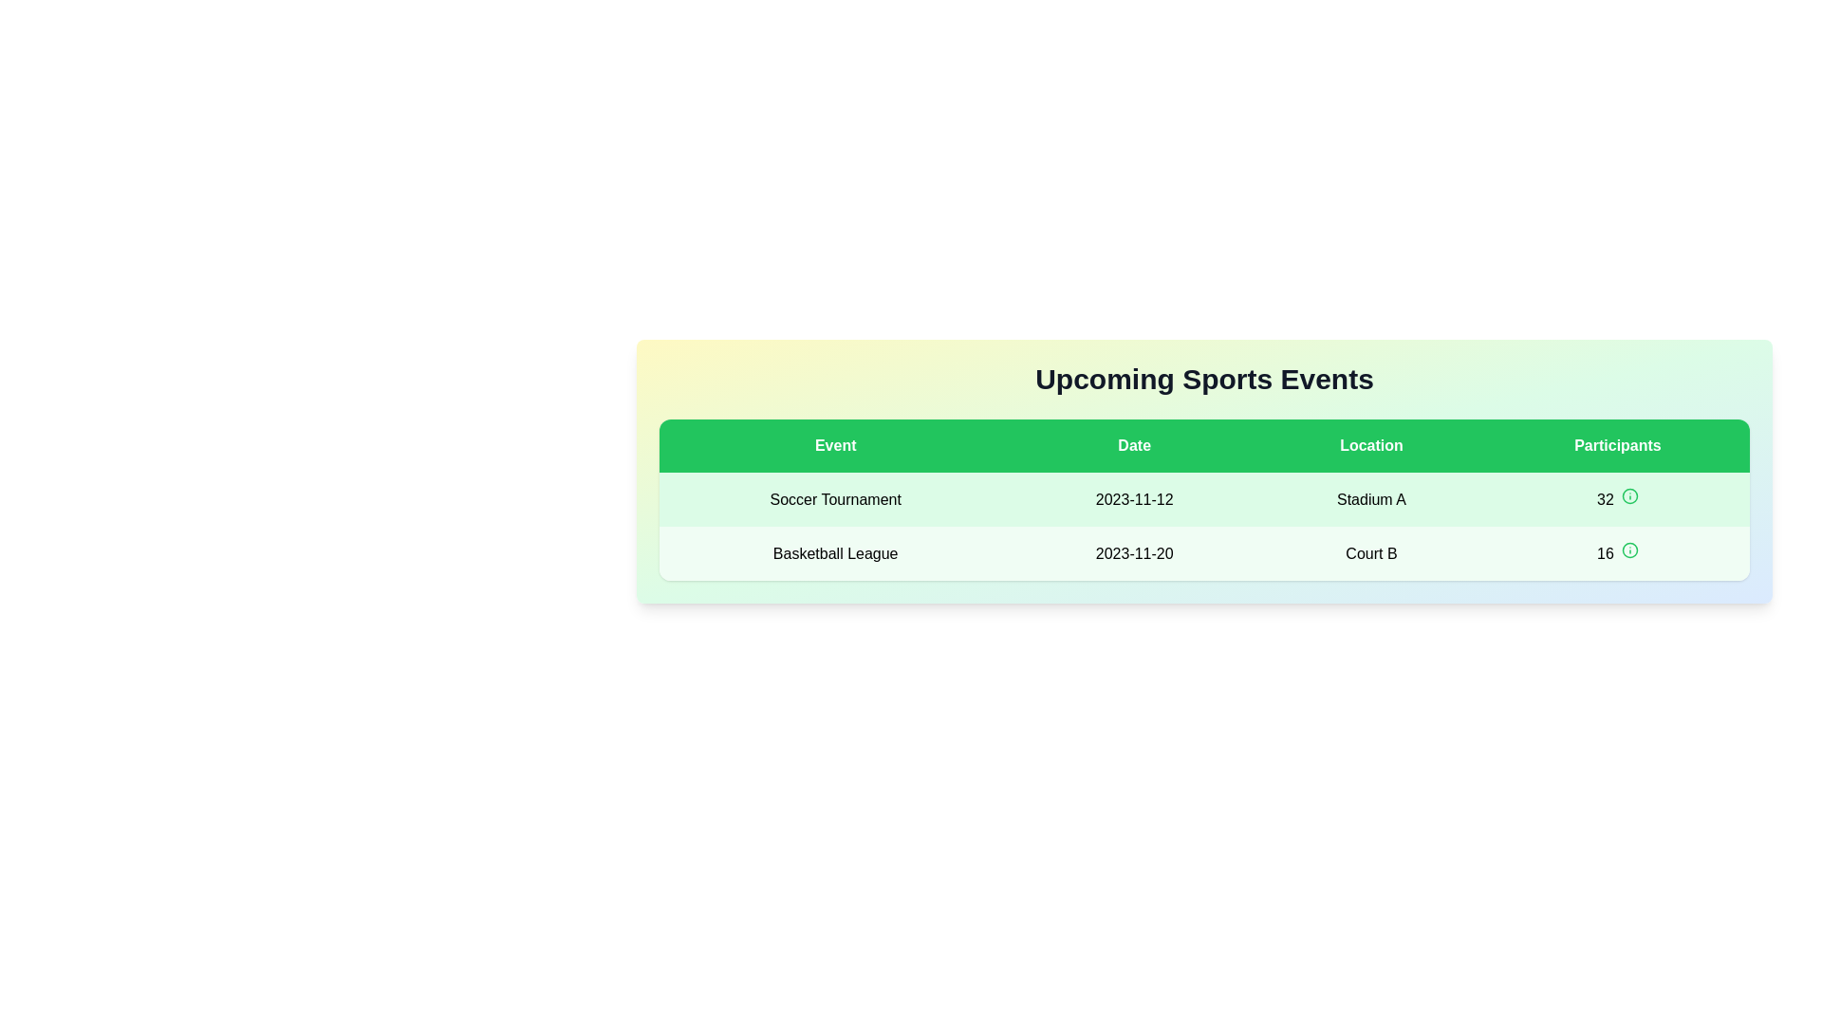 The width and height of the screenshot is (1822, 1025). Describe the element at coordinates (1203, 553) in the screenshot. I see `the second row in the table titled 'Upcoming Sports Events', which has a light green background and contains the fields 'Basketball League', '2023-11-20', 'Court B', and '16'` at that location.